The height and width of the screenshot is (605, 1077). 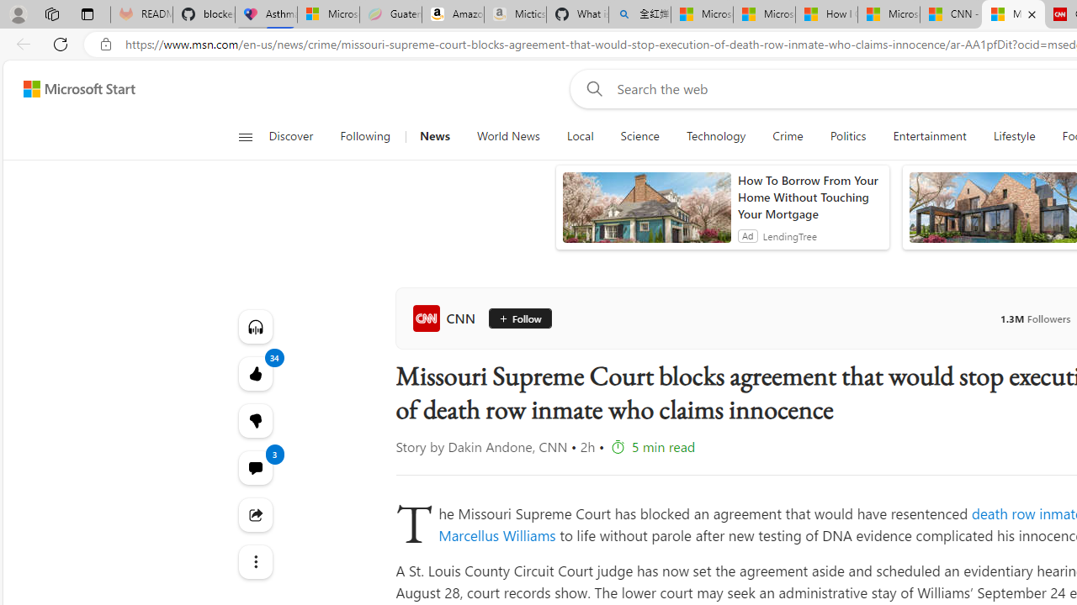 What do you see at coordinates (507, 136) in the screenshot?
I see `'World News'` at bounding box center [507, 136].